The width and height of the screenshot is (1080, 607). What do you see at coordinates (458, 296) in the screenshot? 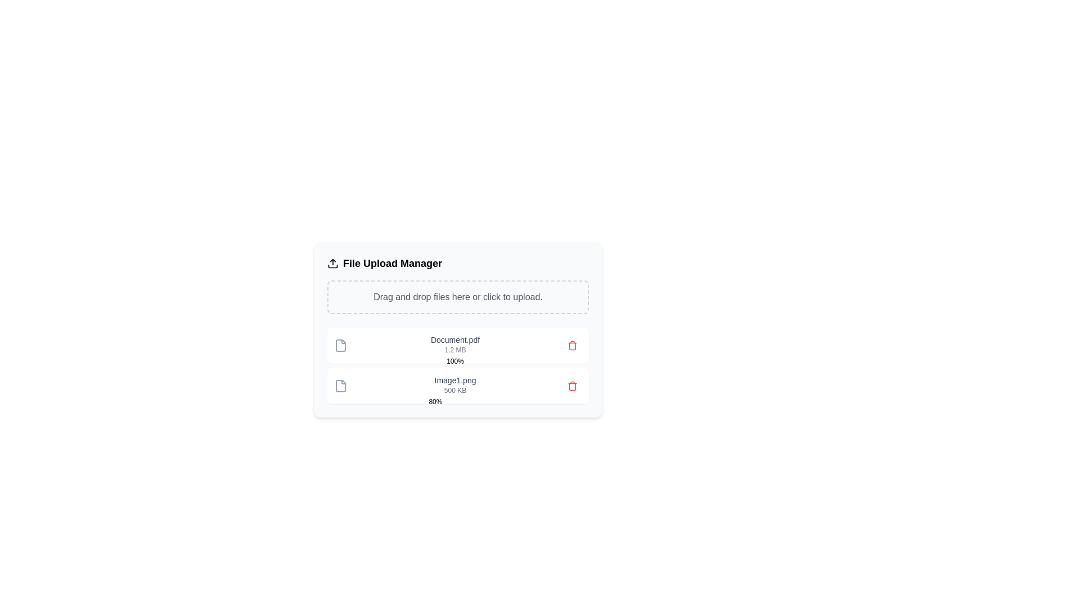
I see `inside the Interactive file upload area in the 'File Upload Manager'` at bounding box center [458, 296].